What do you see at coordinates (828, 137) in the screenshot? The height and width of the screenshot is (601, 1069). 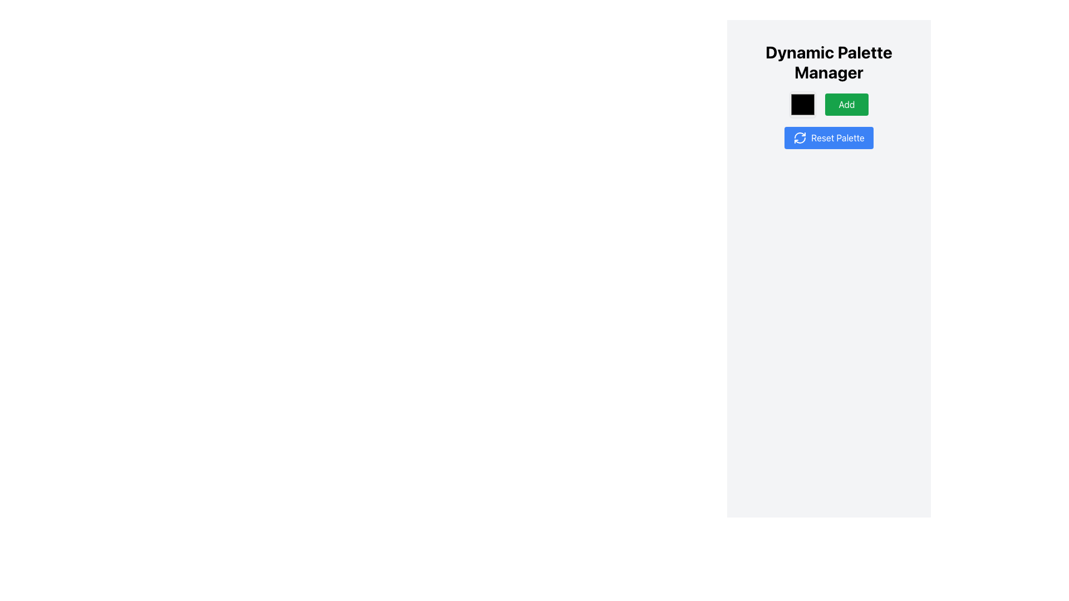 I see `the 'Reset Palette' button, which is styled with a blue background and white text, located beneath the 'Add' button in the 'Dynamic Palette Manager'` at bounding box center [828, 137].